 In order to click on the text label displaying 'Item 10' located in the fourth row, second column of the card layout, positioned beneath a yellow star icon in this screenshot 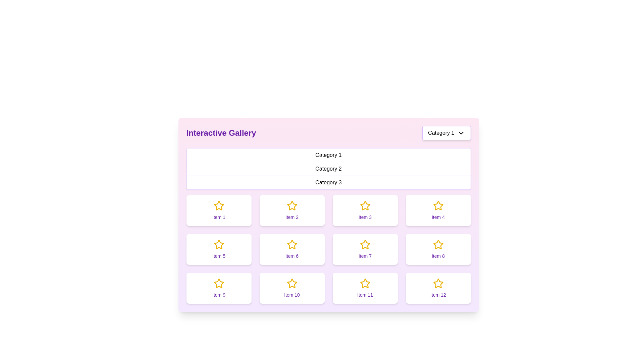, I will do `click(292, 294)`.